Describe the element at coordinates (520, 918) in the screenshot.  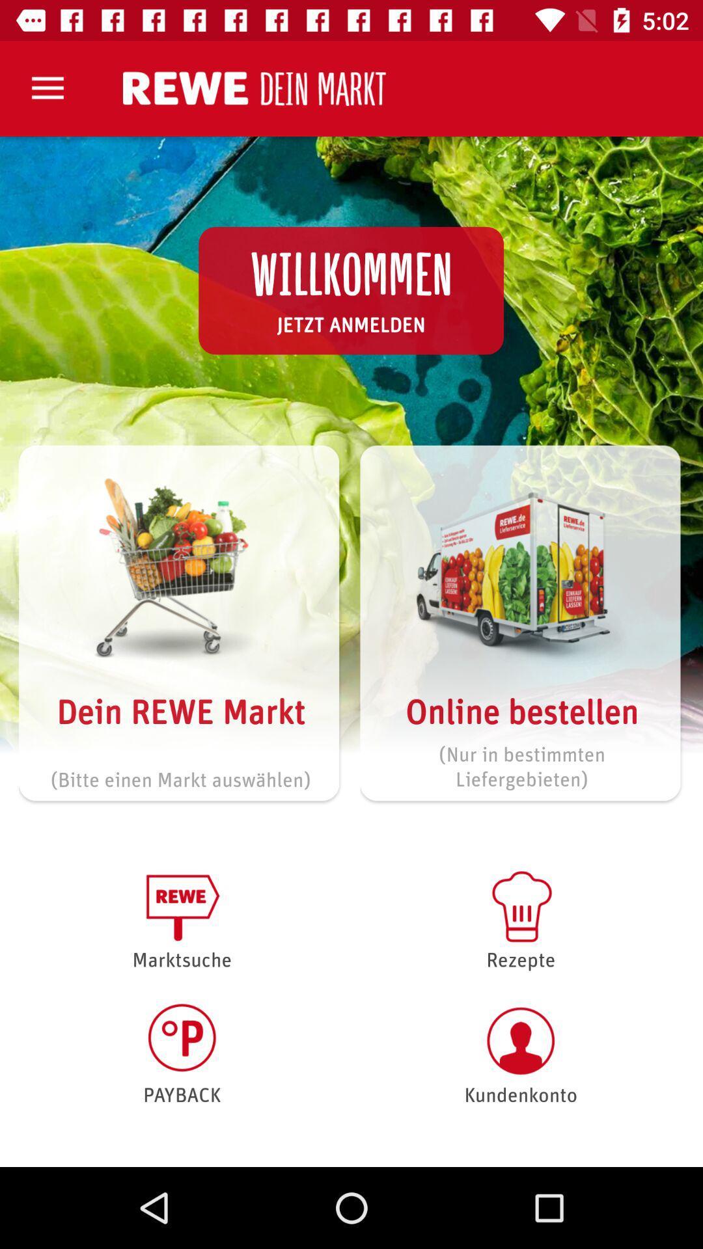
I see `rezepte` at that location.